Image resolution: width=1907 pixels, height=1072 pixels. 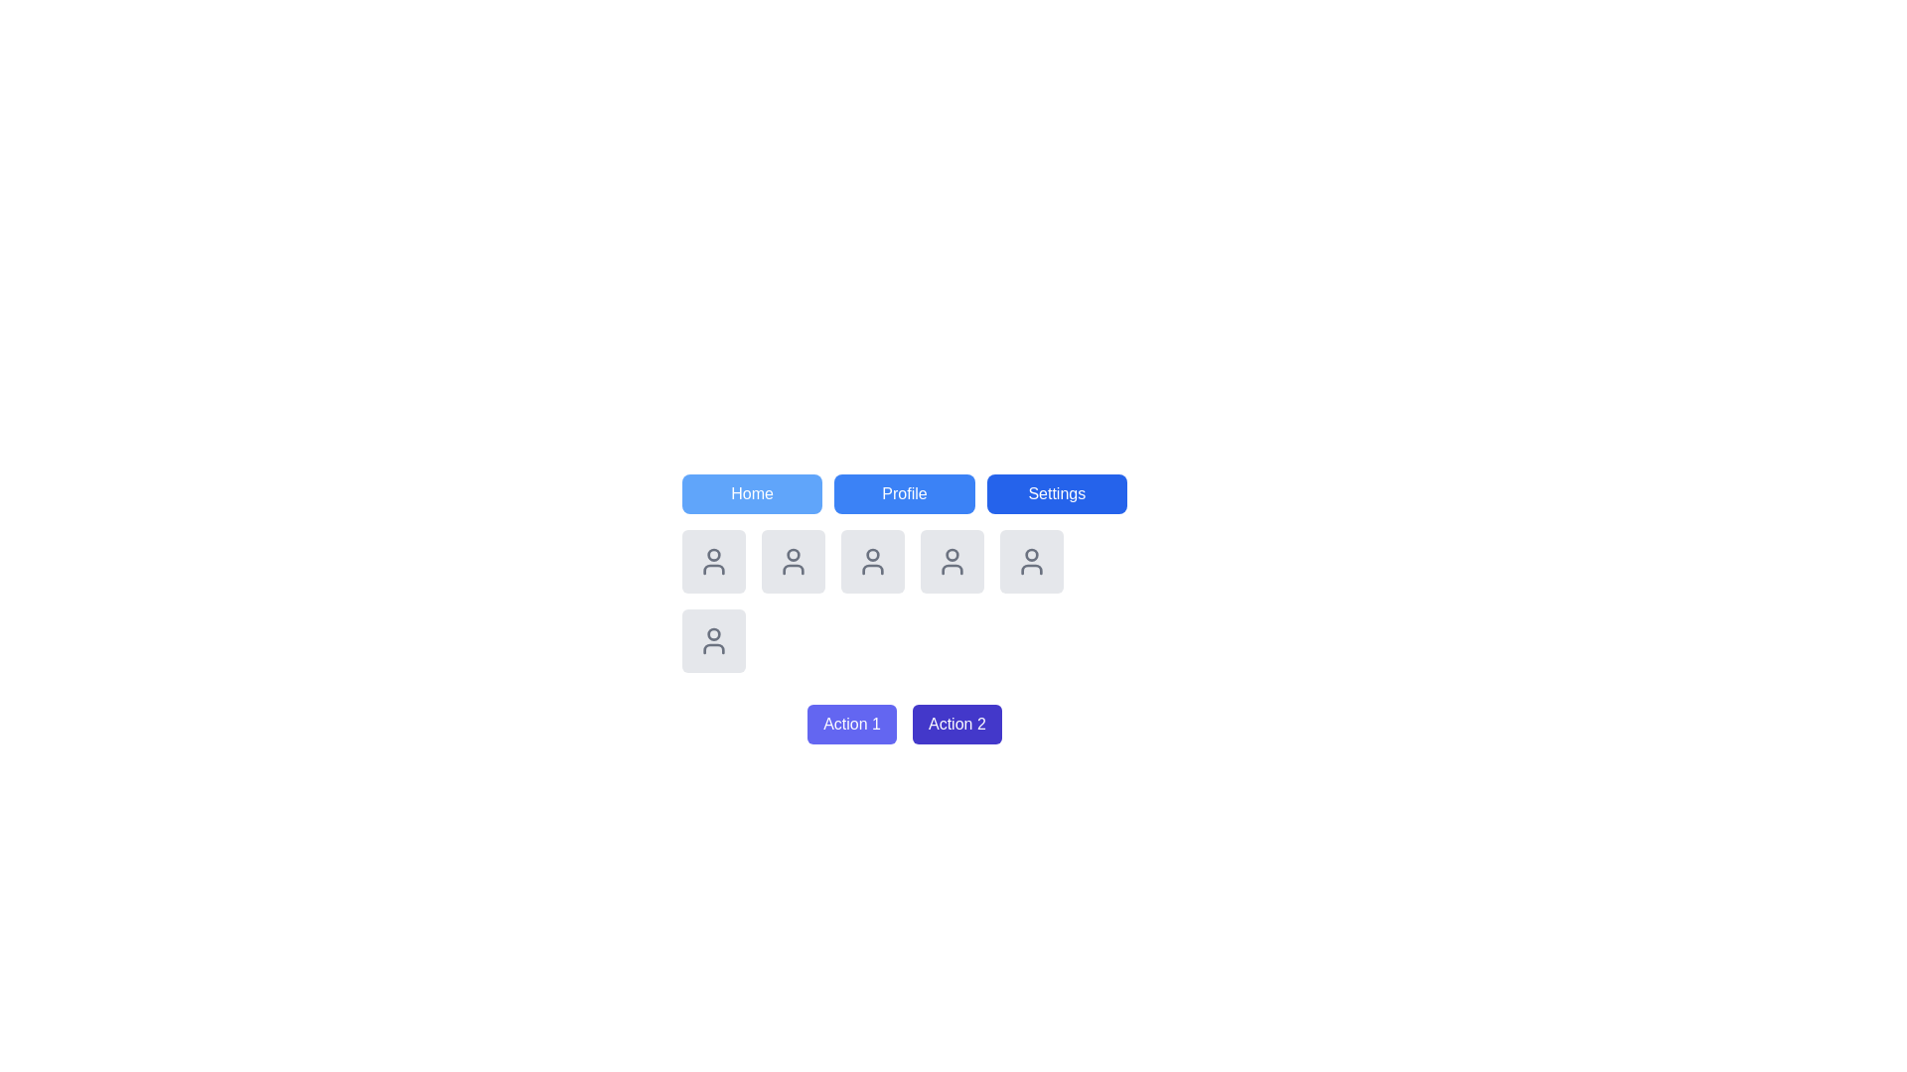 I want to click on the blue 'Home' button with rounded corners, so click(x=751, y=492).